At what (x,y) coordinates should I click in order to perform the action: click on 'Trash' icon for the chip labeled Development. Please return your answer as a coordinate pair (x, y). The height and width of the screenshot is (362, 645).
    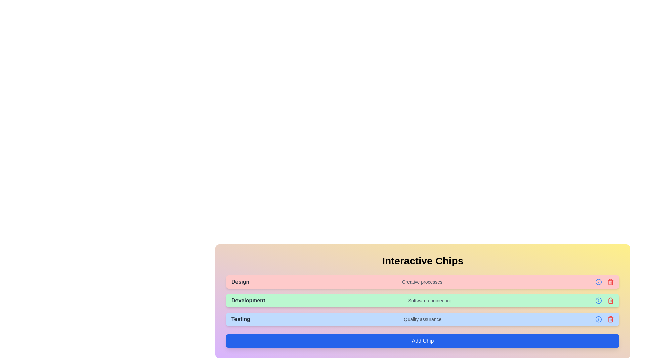
    Looking at the image, I should click on (611, 300).